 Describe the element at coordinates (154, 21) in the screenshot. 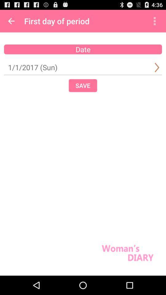

I see `the icon to the right of the first day of app` at that location.